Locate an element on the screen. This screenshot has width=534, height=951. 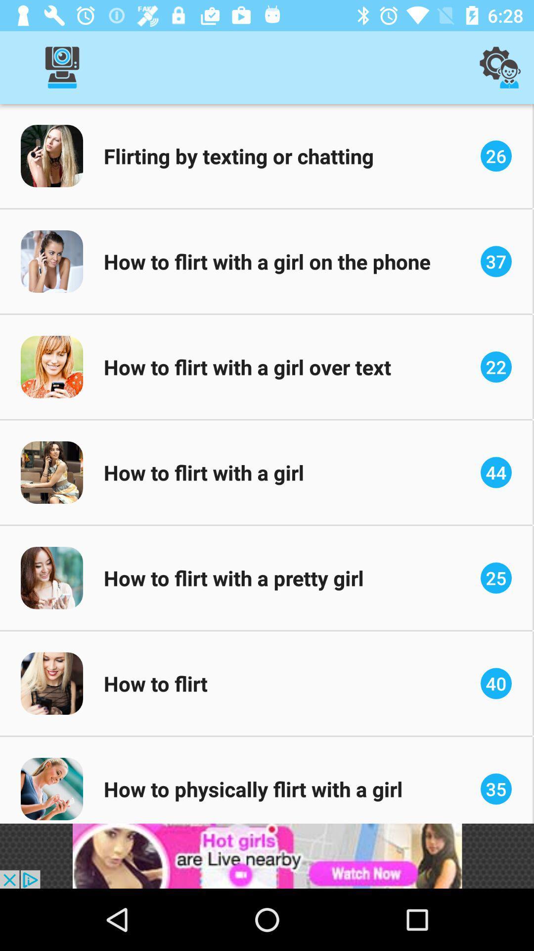
the image which is beside how to flirt is located at coordinates (51, 683).